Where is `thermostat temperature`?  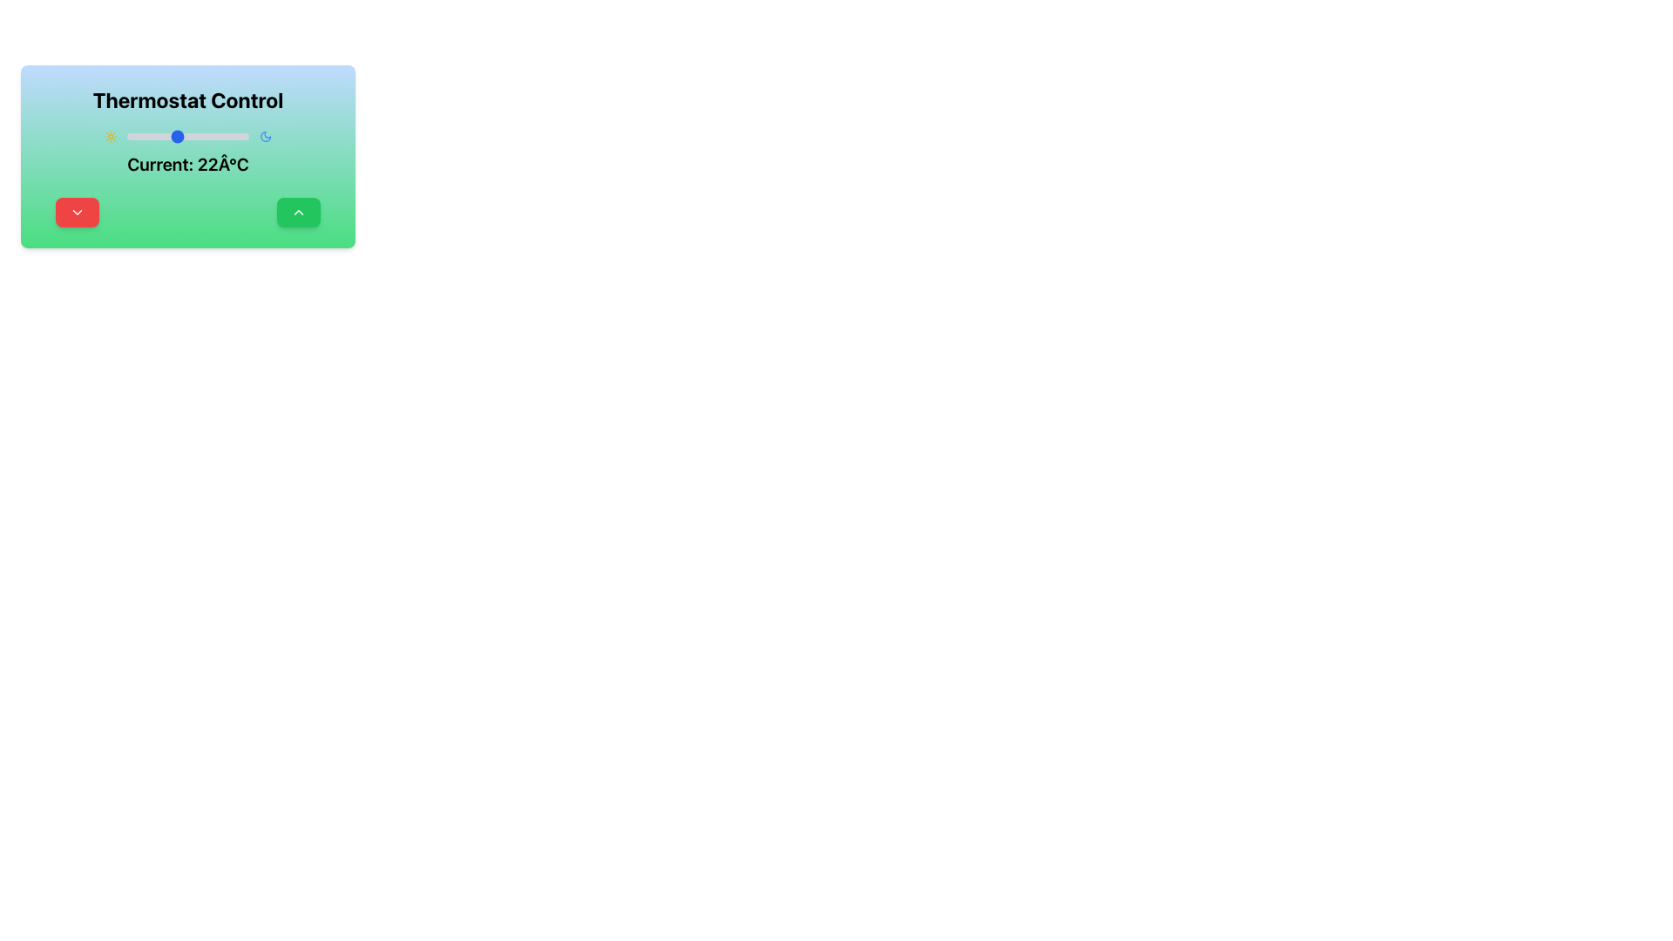 thermostat temperature is located at coordinates (134, 136).